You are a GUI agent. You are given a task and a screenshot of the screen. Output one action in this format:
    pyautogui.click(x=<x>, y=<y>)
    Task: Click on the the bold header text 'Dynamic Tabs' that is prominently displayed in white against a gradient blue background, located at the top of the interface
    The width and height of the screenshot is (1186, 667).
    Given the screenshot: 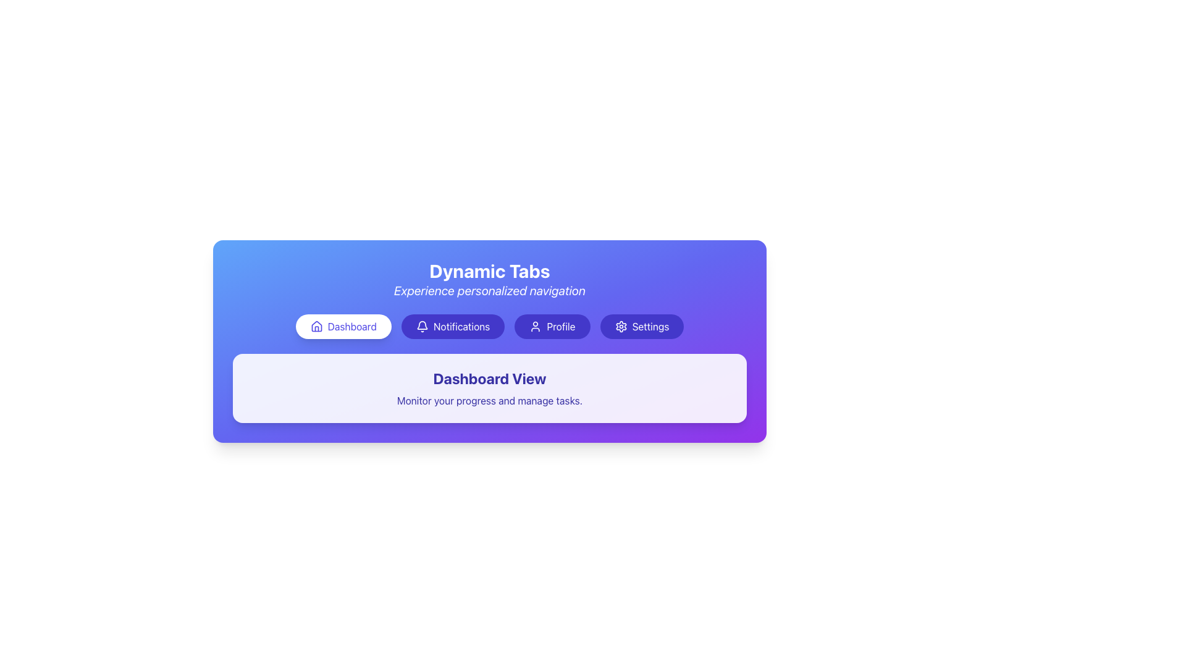 What is the action you would take?
    pyautogui.click(x=489, y=271)
    